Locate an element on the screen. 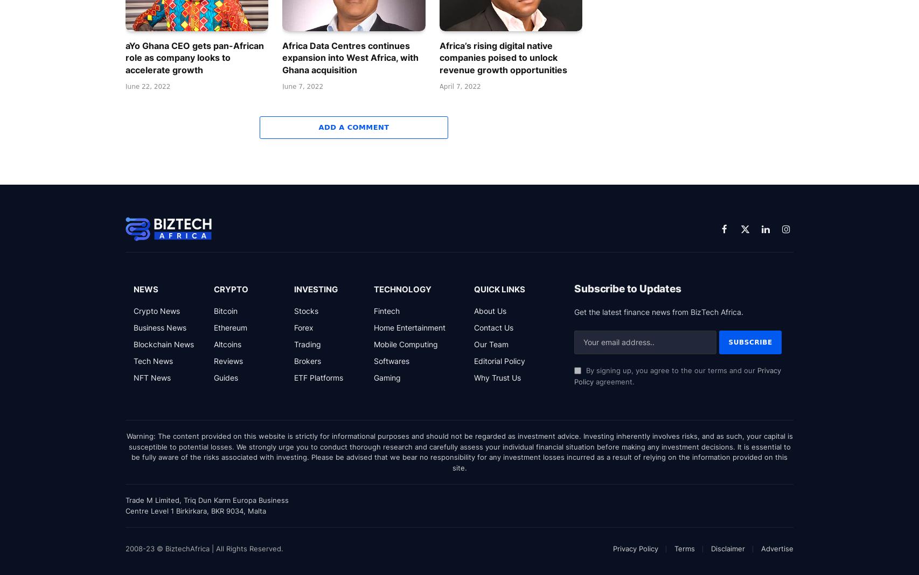 The height and width of the screenshot is (575, 919). 'Brokers' is located at coordinates (306, 360).